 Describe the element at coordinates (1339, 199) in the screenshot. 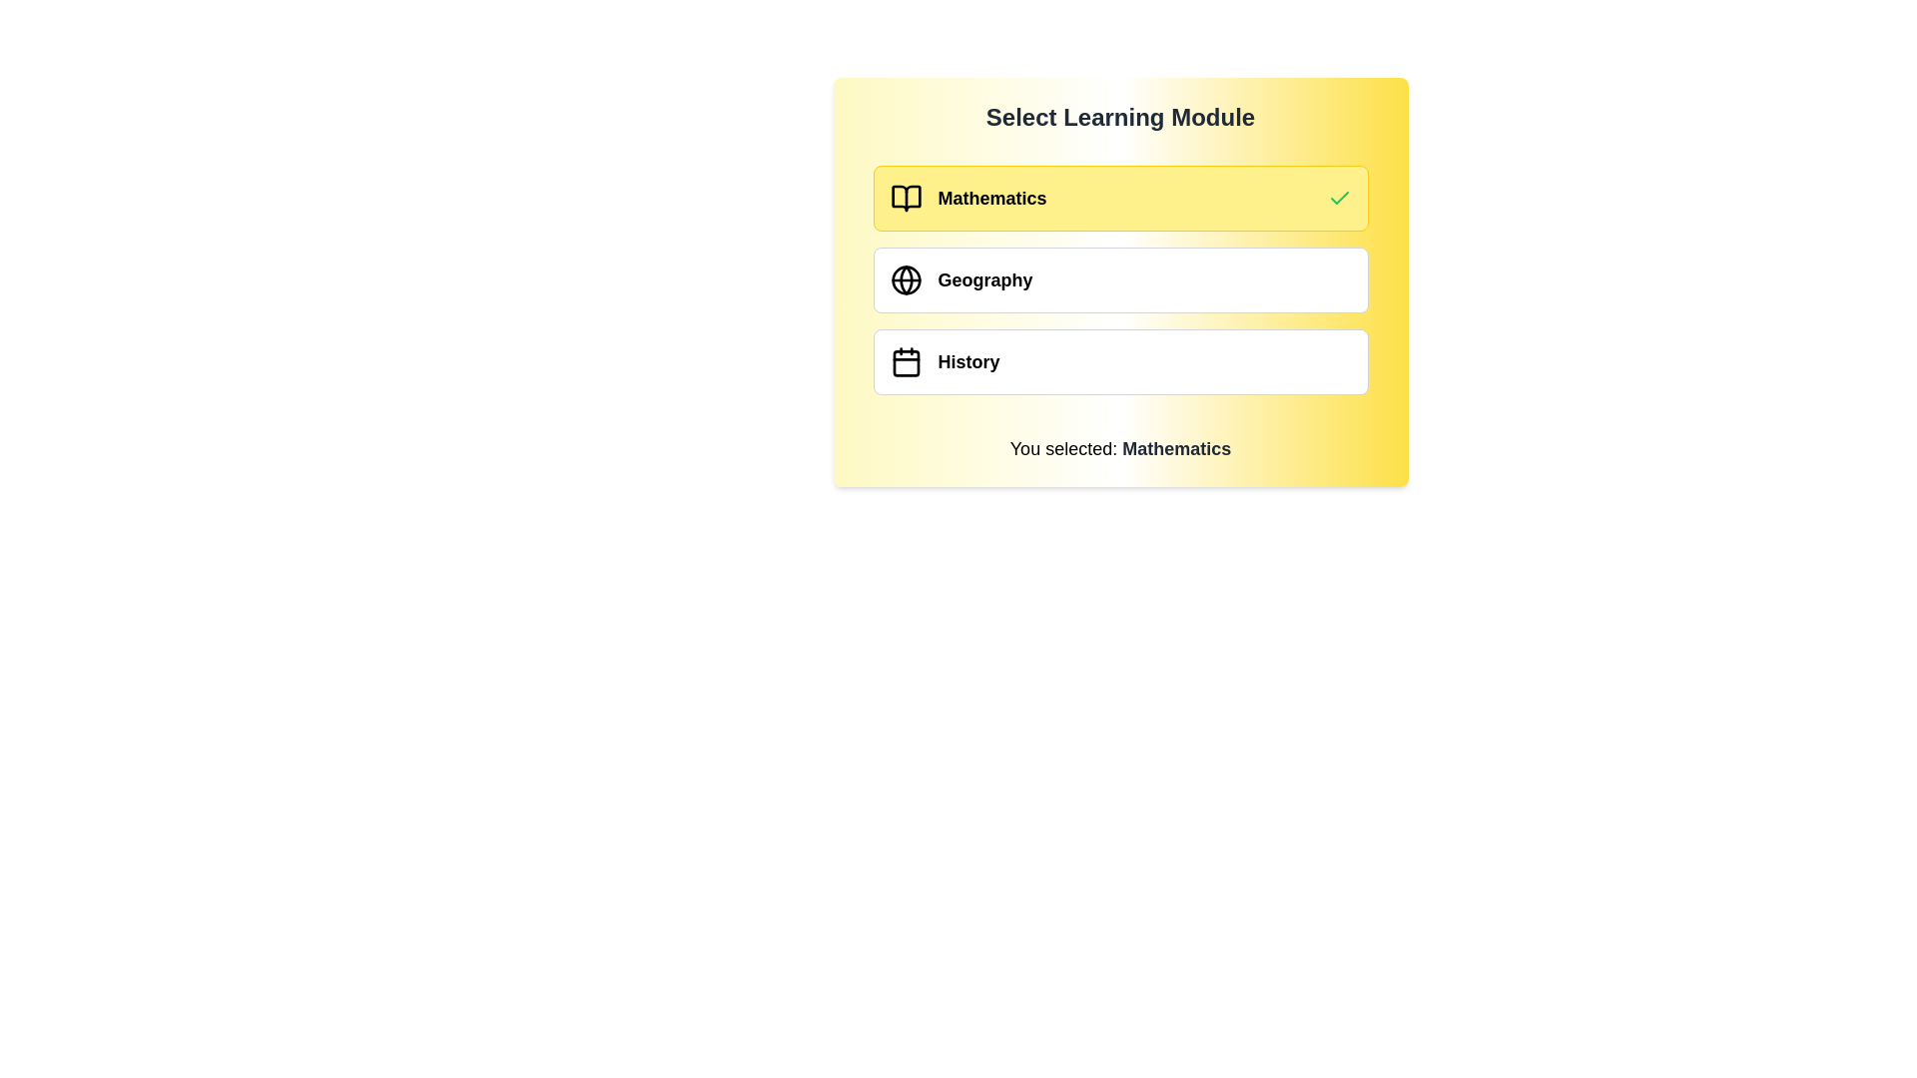

I see `the selected checkmark icon indicating the 'Mathematics' module, confirming it is currently chosen` at that location.